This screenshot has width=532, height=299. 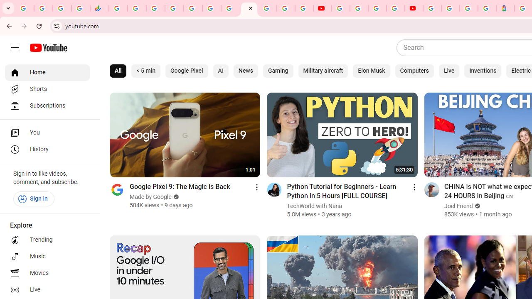 I want to click on 'Elon Musk', so click(x=371, y=71).